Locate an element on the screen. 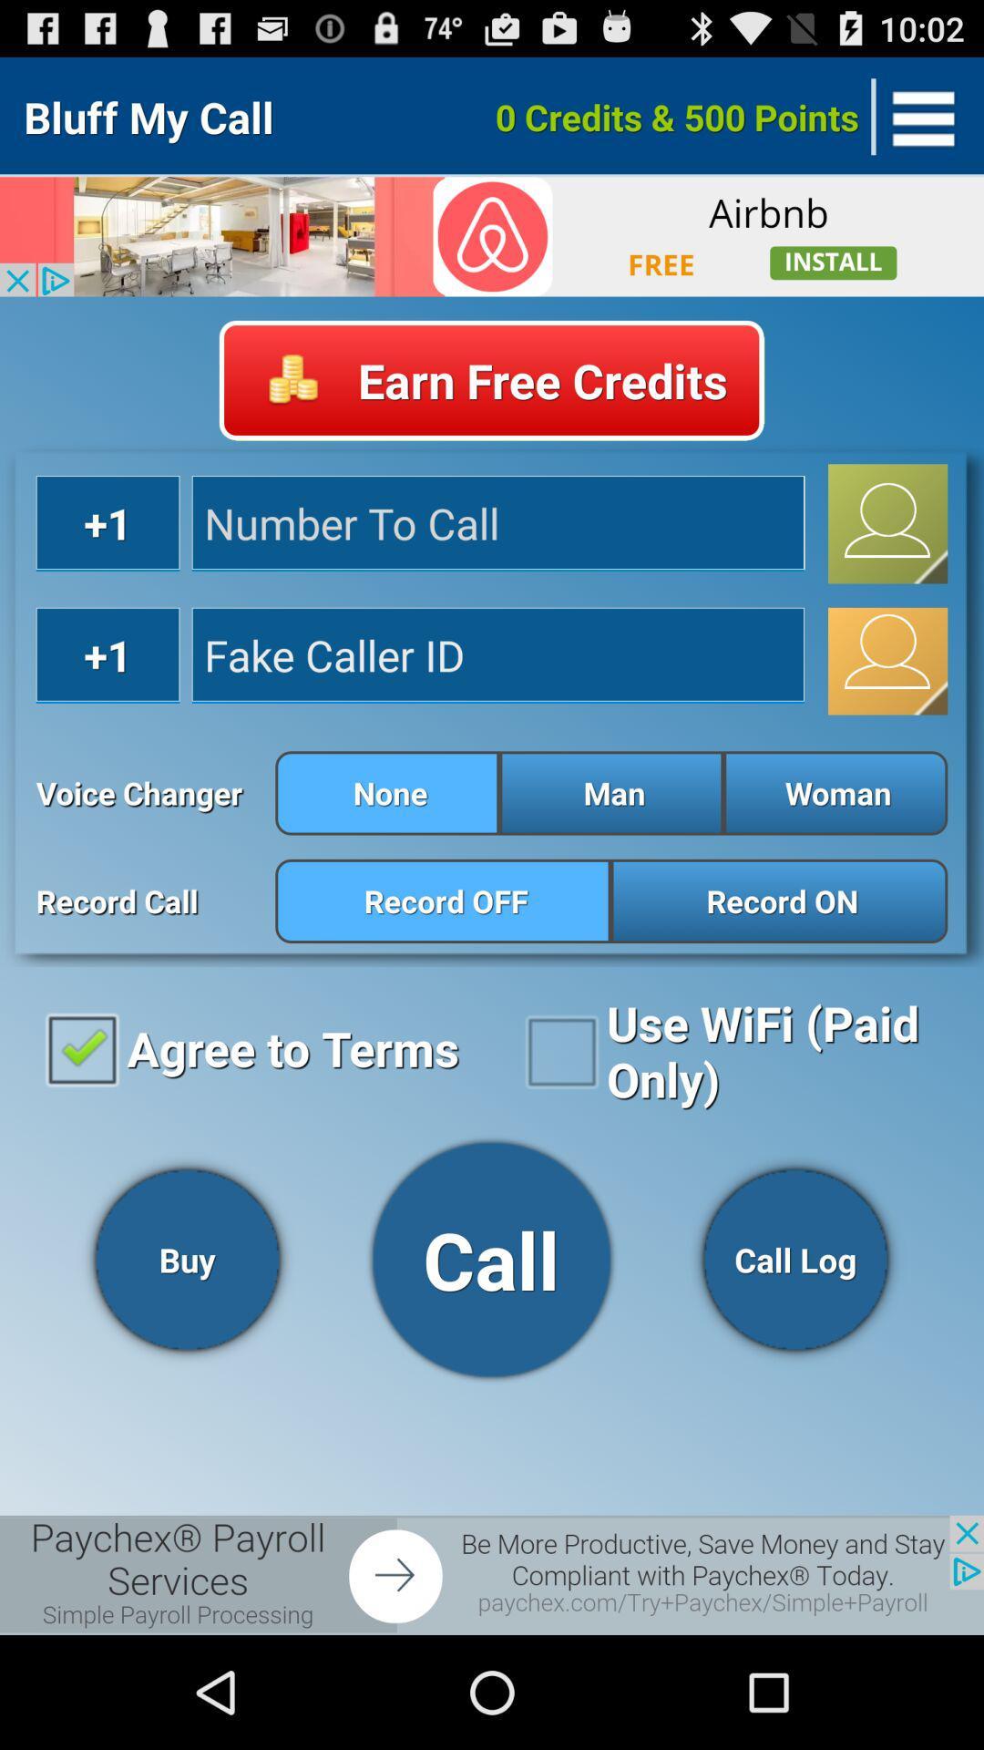 Image resolution: width=984 pixels, height=1750 pixels. the menu icon is located at coordinates (924, 124).